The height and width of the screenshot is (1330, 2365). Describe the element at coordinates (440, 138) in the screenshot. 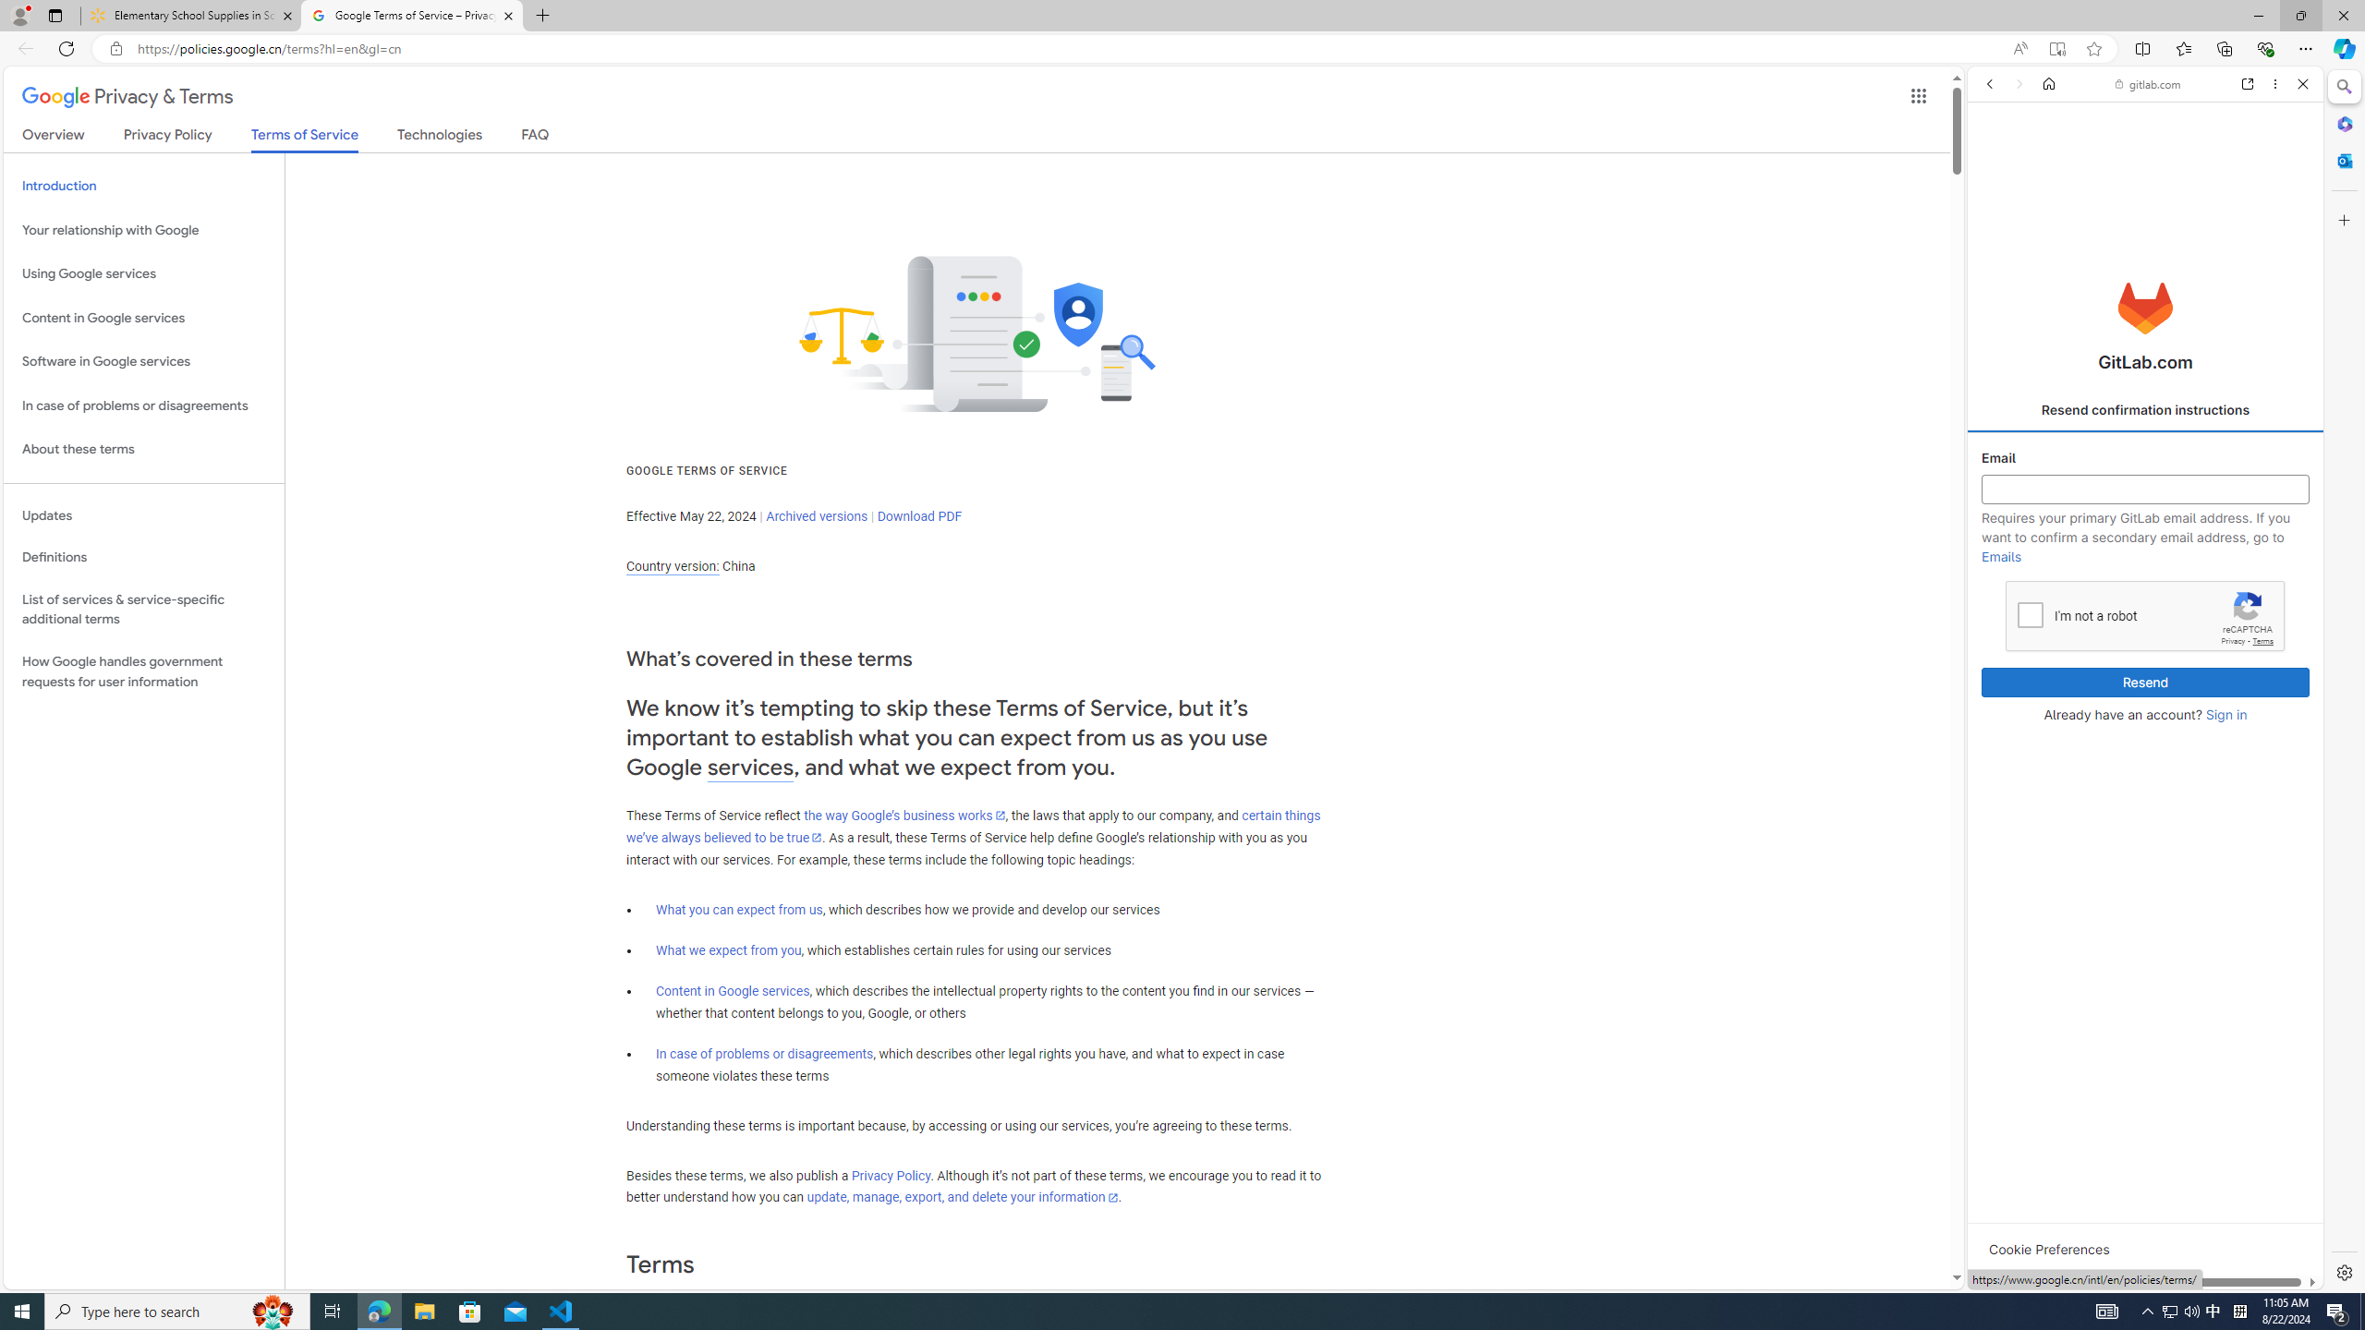

I see `'Technologies'` at that location.